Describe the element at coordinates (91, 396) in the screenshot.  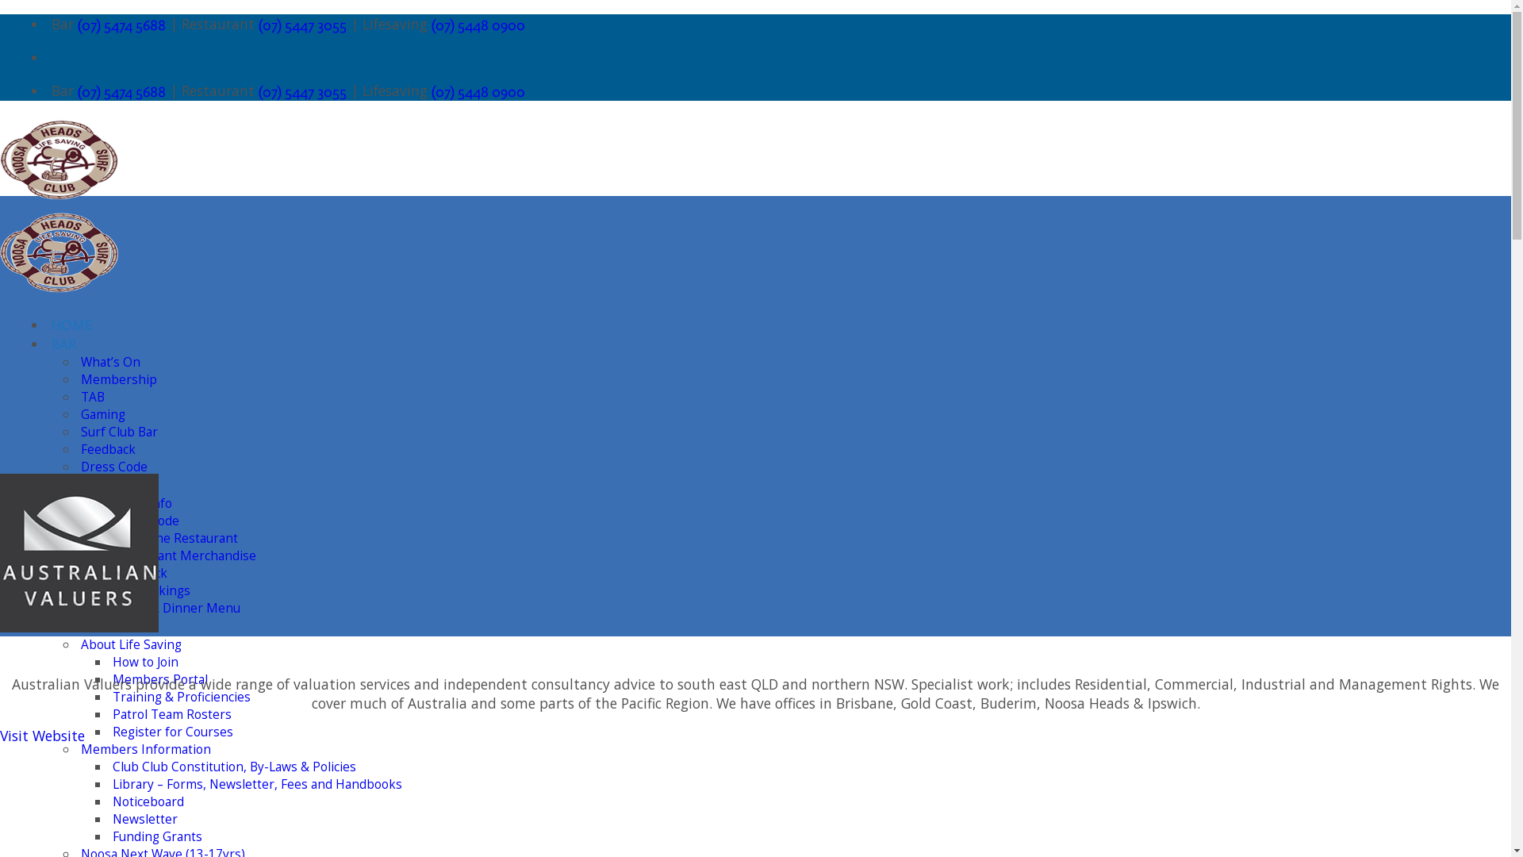
I see `'TAB'` at that location.